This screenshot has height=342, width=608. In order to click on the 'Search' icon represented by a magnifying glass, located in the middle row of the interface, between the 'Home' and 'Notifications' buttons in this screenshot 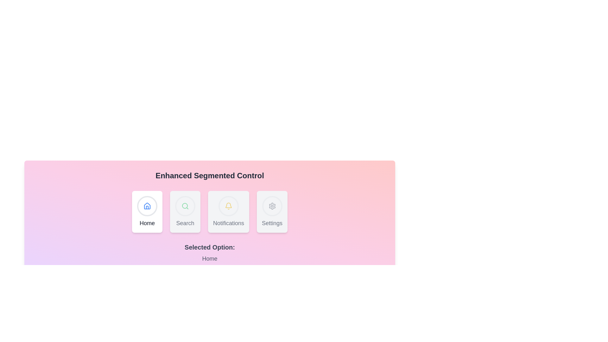, I will do `click(185, 206)`.